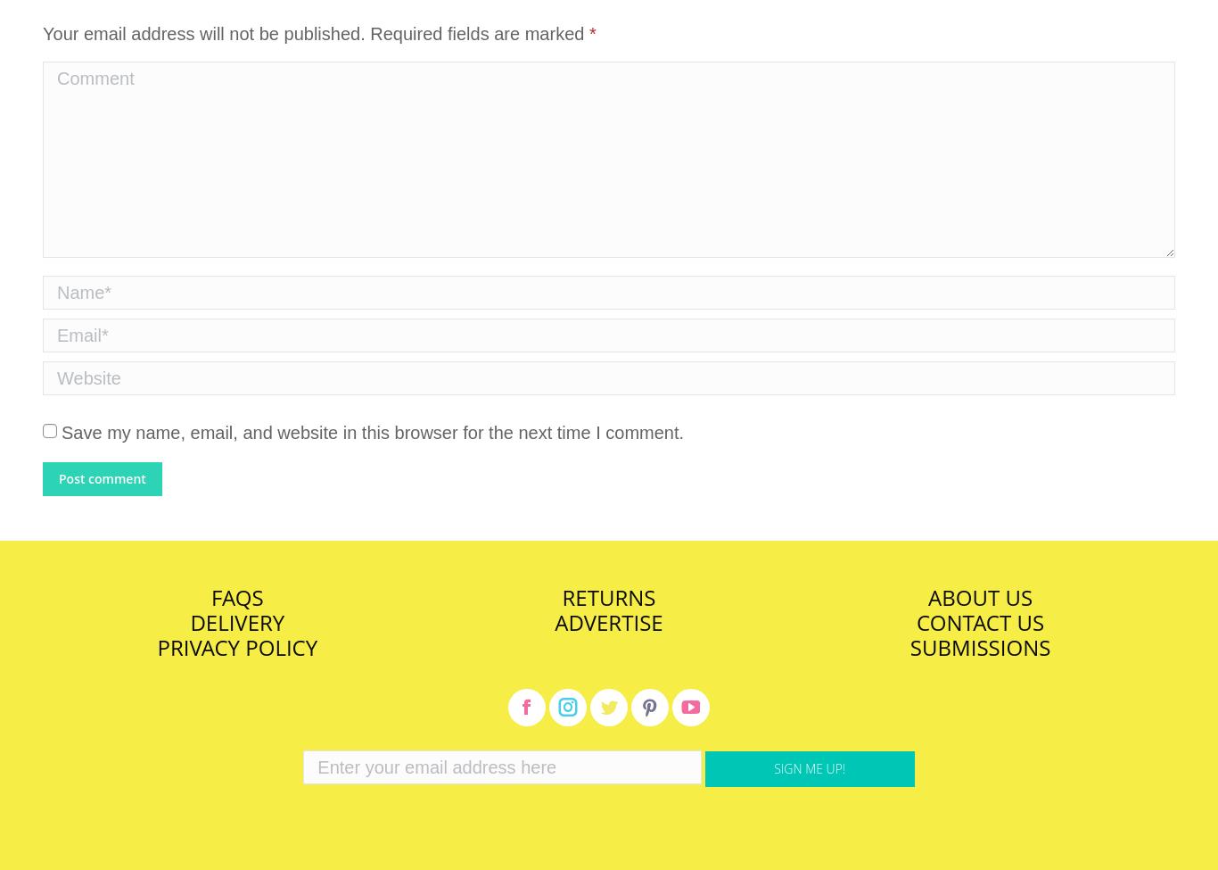  Describe the element at coordinates (978, 646) in the screenshot. I see `'Submissions'` at that location.